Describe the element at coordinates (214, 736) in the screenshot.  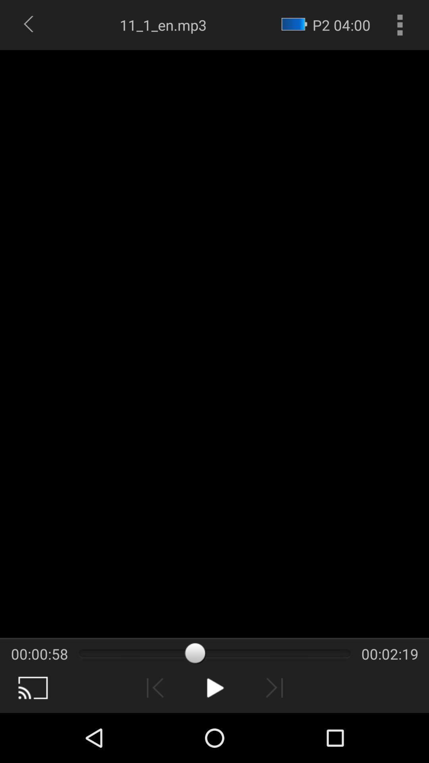
I see `the play icon` at that location.